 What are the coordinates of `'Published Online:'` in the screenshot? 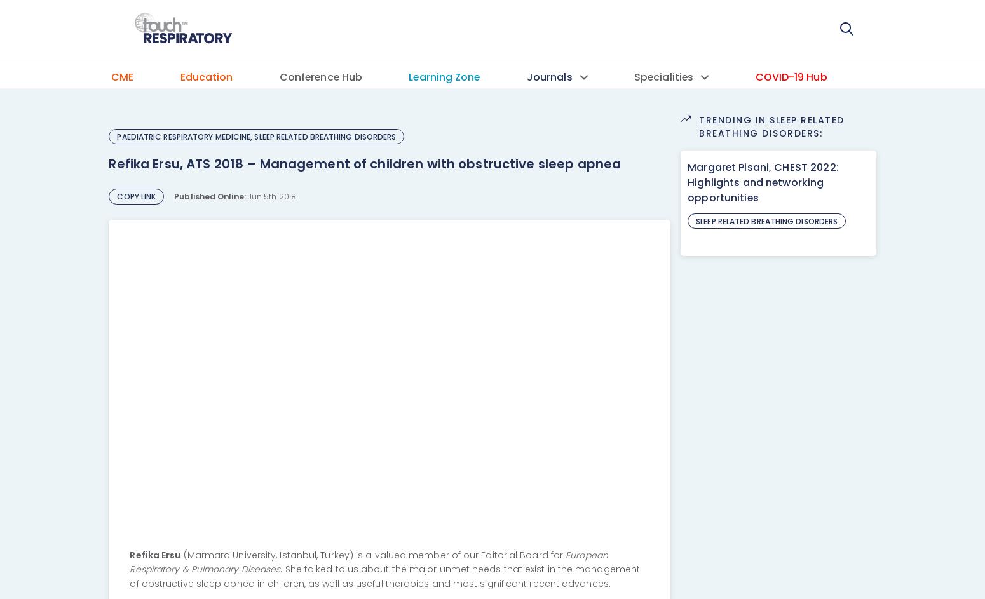 It's located at (210, 196).